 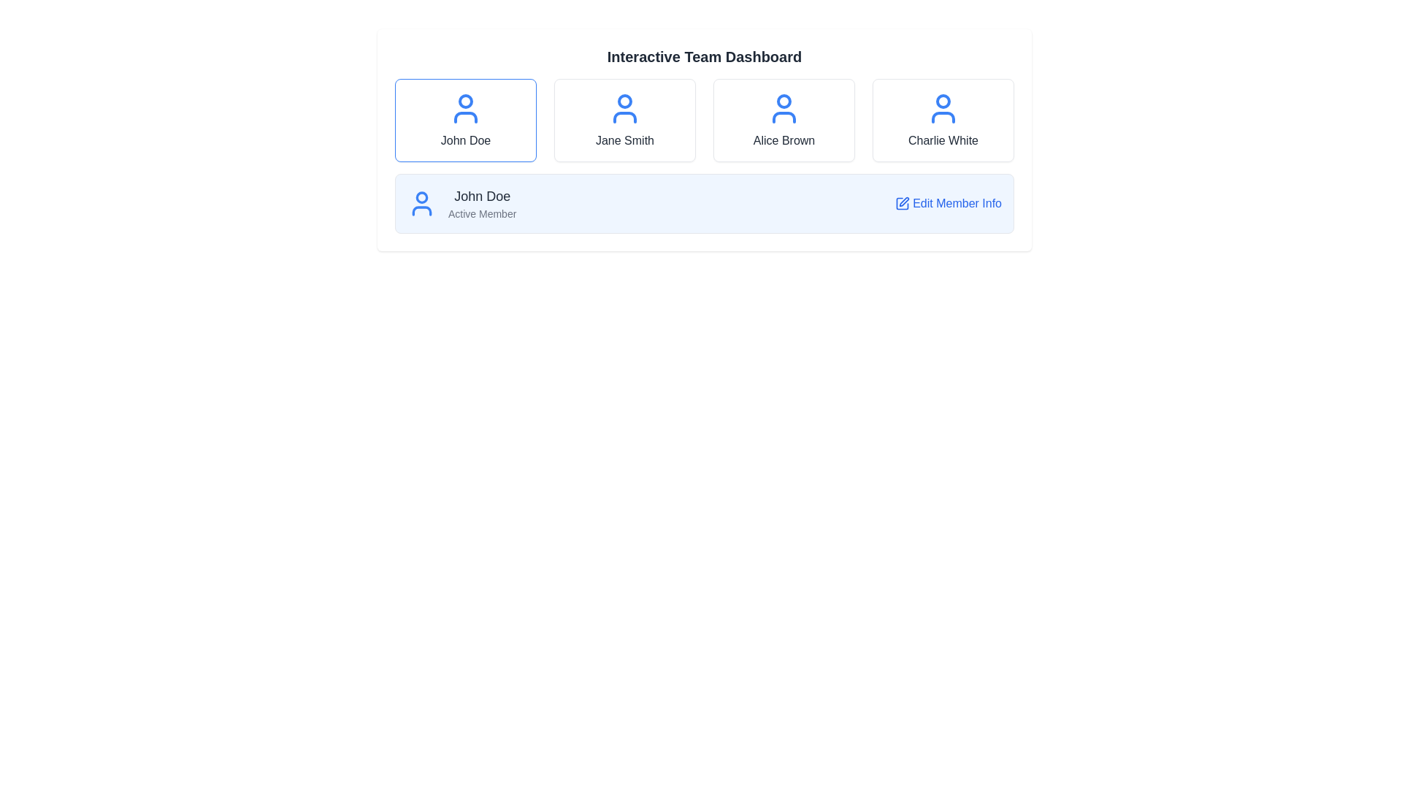 I want to click on the SVG graphic representing the user avatar for 'Jane Smith' located in the interactive team section, so click(x=624, y=108).